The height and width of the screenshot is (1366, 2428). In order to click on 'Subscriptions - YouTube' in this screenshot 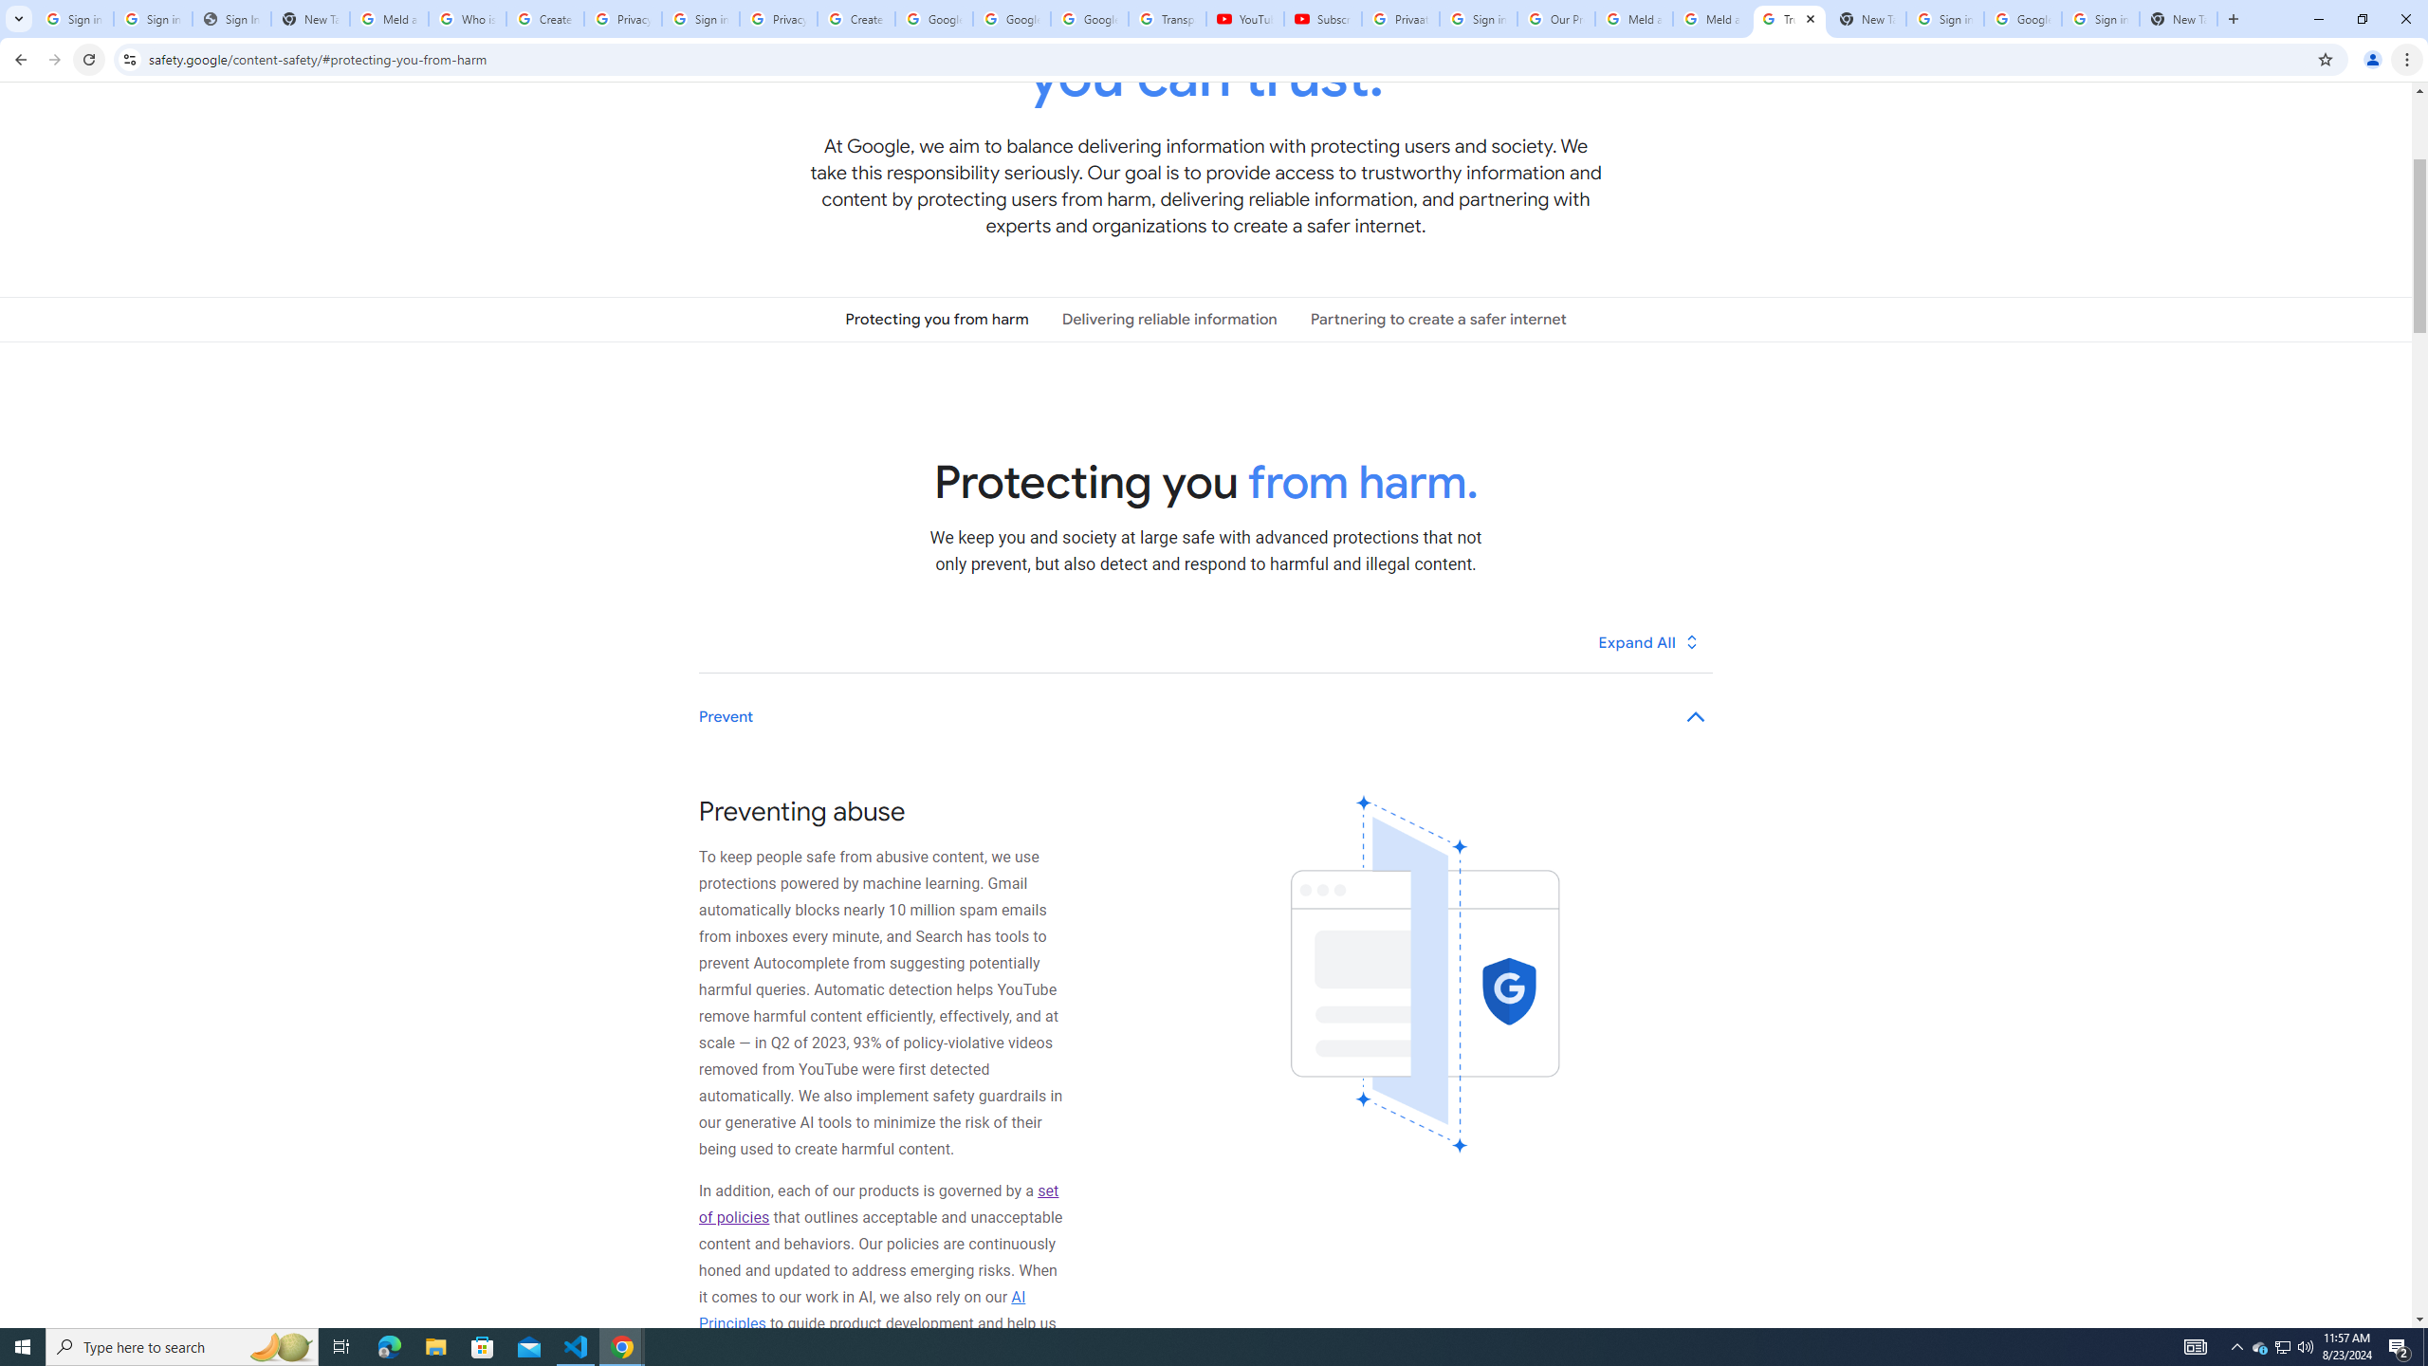, I will do `click(1321, 18)`.